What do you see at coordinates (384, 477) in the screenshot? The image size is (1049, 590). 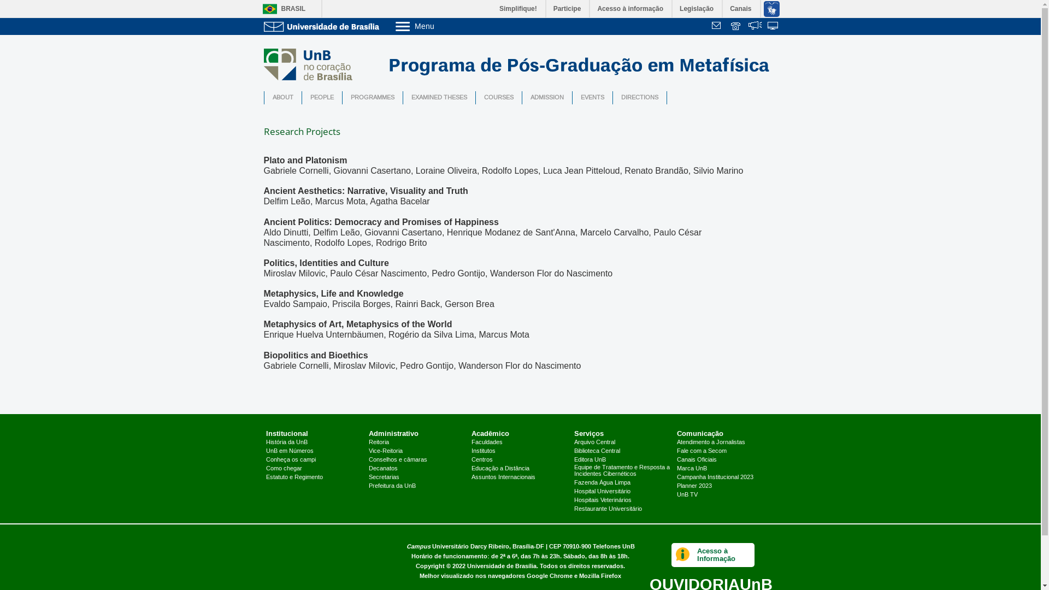 I see `'Secretarias'` at bounding box center [384, 477].